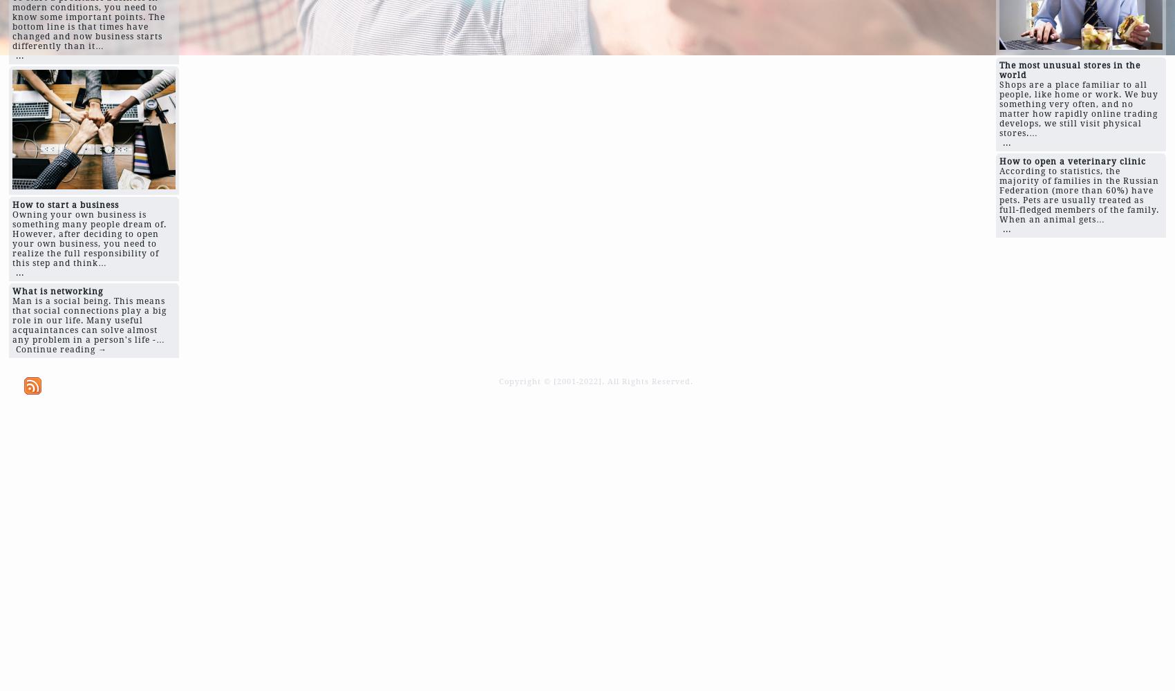 This screenshot has width=1175, height=691. What do you see at coordinates (57, 292) in the screenshot?
I see `'What is networking'` at bounding box center [57, 292].